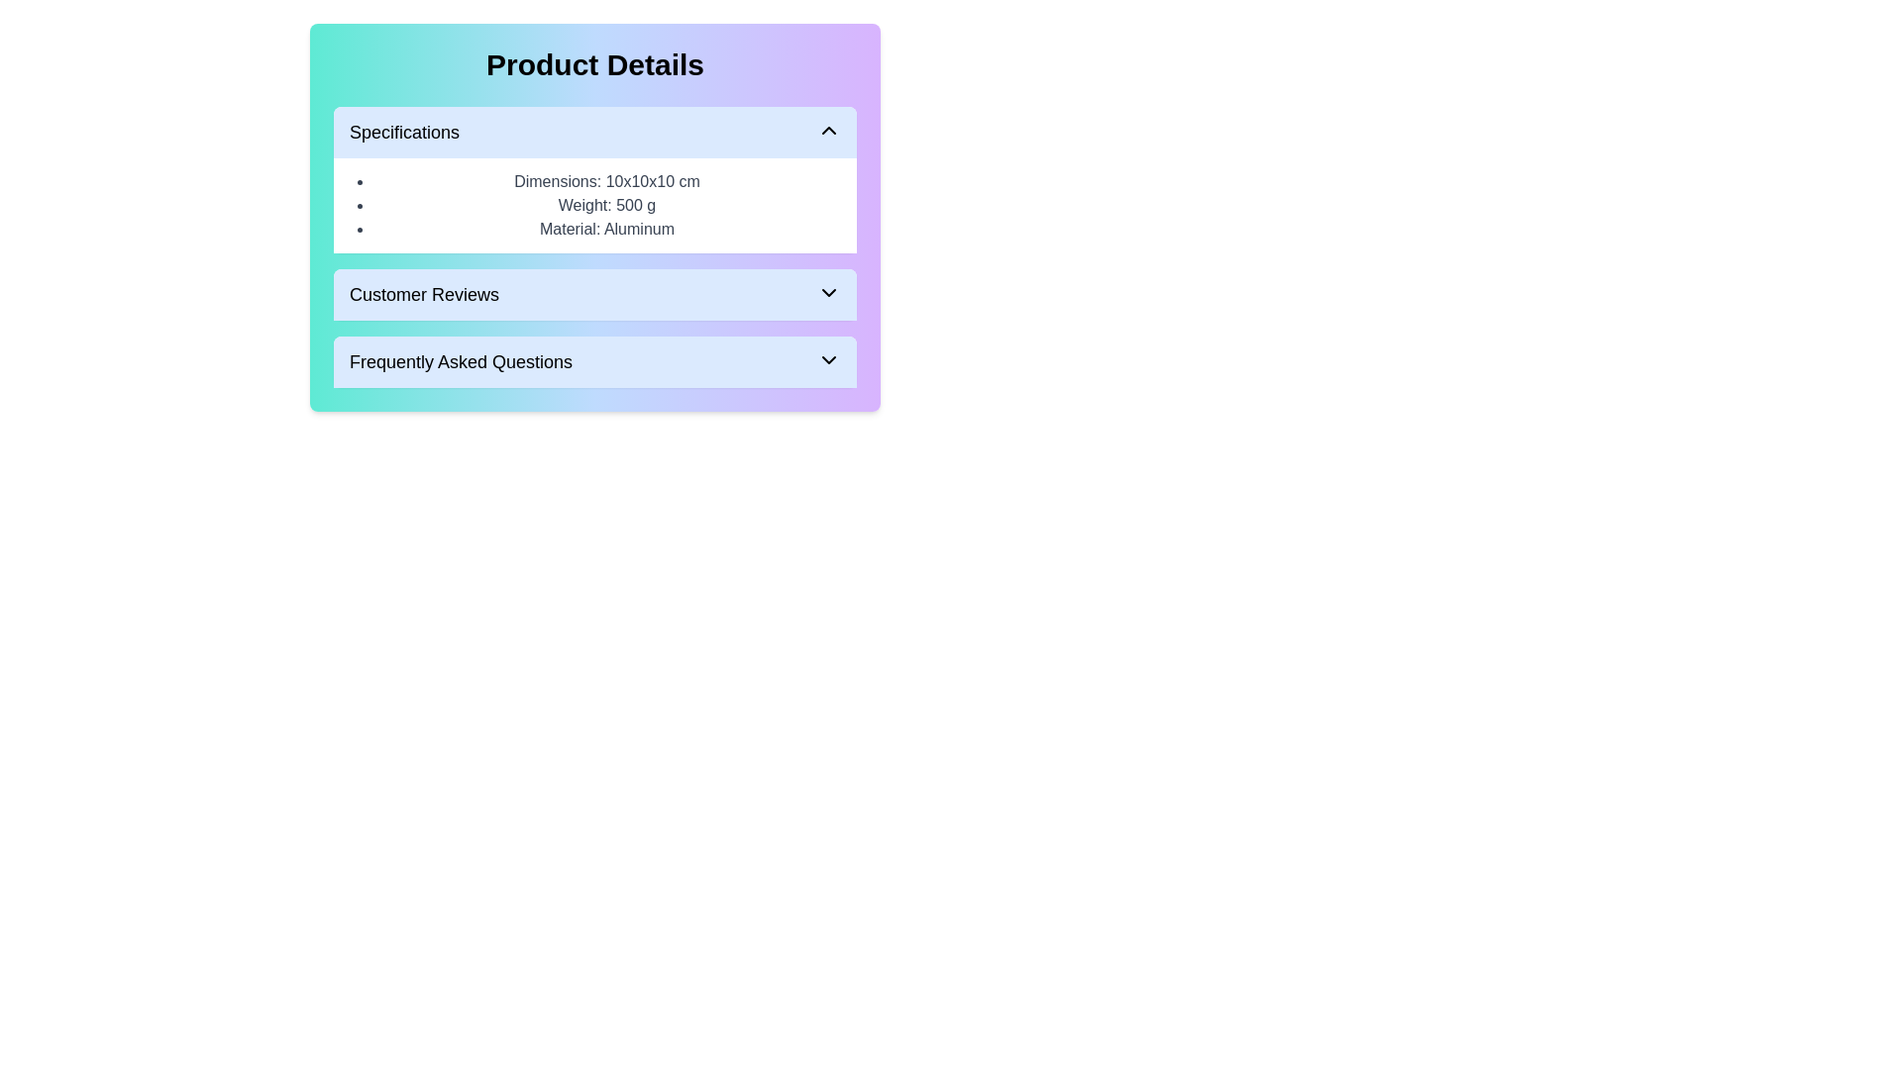 The image size is (1902, 1069). I want to click on the Text Label that states the material composition of the product, specifically 'Aluminum', which is the last item in the bullet-pointed list under the 'Specifications' section, so click(606, 228).